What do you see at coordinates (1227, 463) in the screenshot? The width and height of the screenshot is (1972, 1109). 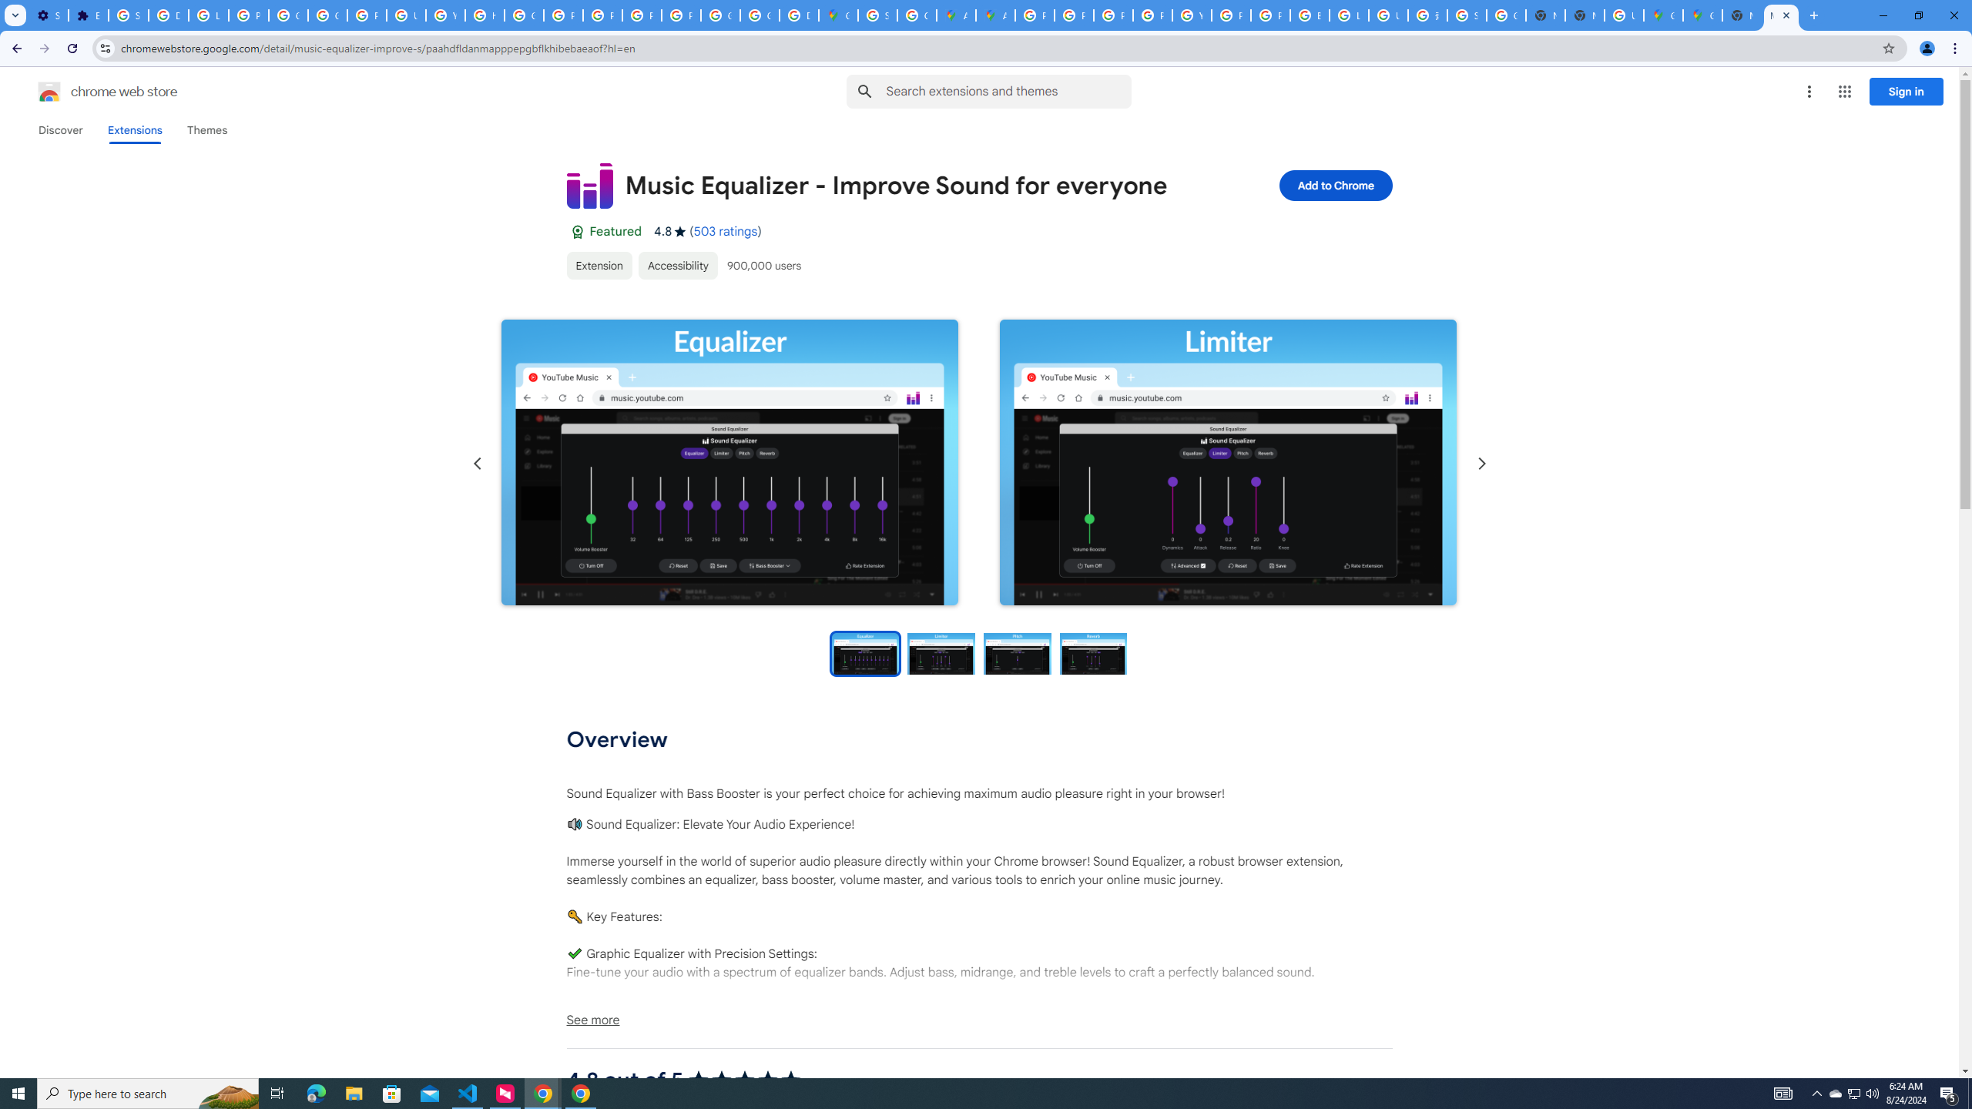 I see `'Item media 2 screenshot'` at bounding box center [1227, 463].